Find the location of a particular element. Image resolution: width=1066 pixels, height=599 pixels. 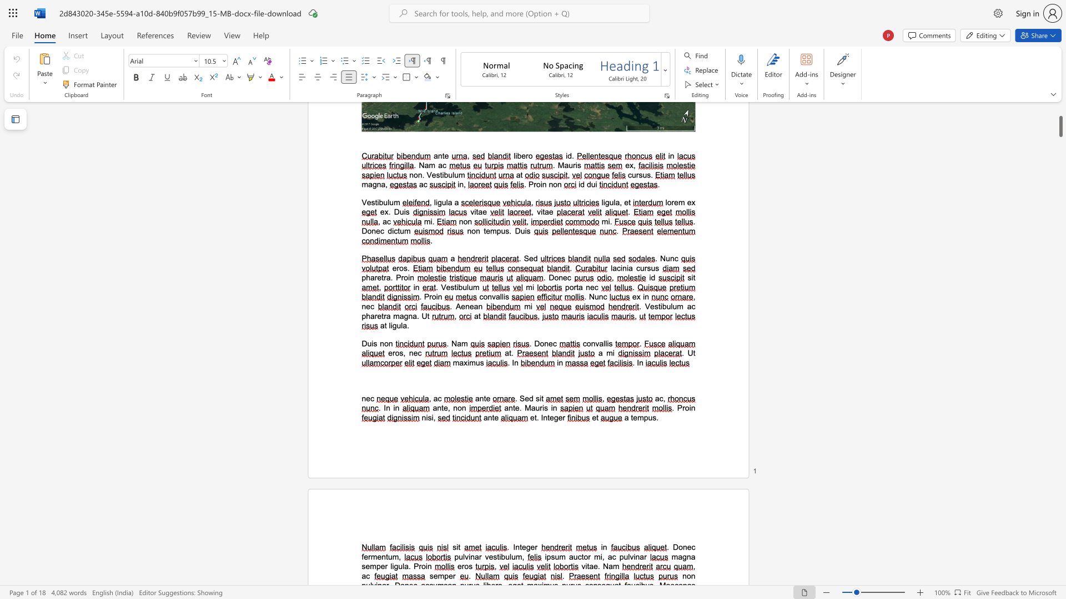

the 1th character "m" in the text is located at coordinates (640, 418).